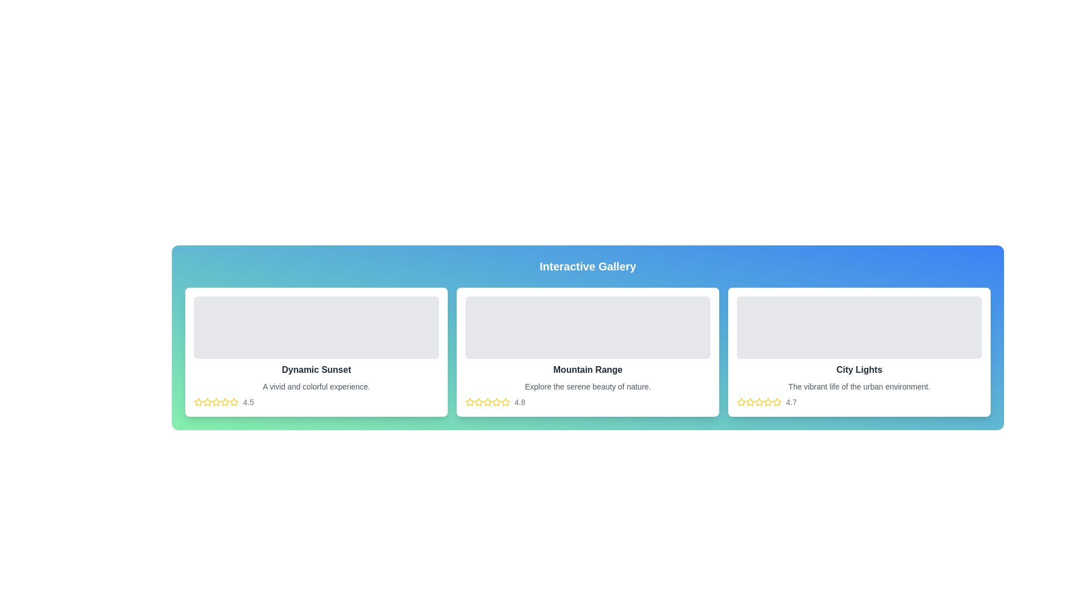  What do you see at coordinates (496, 402) in the screenshot?
I see `the third yellow star-shaped icon in the rating system for the 'Mountain Range' section` at bounding box center [496, 402].